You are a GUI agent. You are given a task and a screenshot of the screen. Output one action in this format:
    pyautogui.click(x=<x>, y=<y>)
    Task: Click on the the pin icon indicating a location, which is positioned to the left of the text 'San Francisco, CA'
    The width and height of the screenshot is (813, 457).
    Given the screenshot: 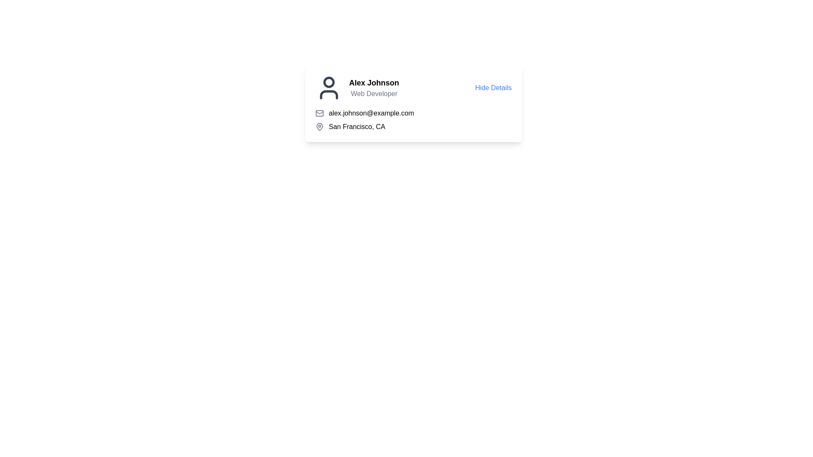 What is the action you would take?
    pyautogui.click(x=319, y=127)
    